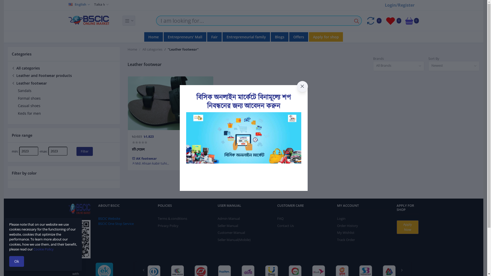 The image size is (491, 276). Describe the element at coordinates (289, 37) in the screenshot. I see `'Offers'` at that location.